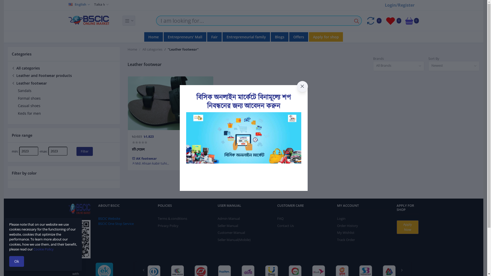 The image size is (491, 276). Describe the element at coordinates (289, 37) in the screenshot. I see `'Offers'` at that location.